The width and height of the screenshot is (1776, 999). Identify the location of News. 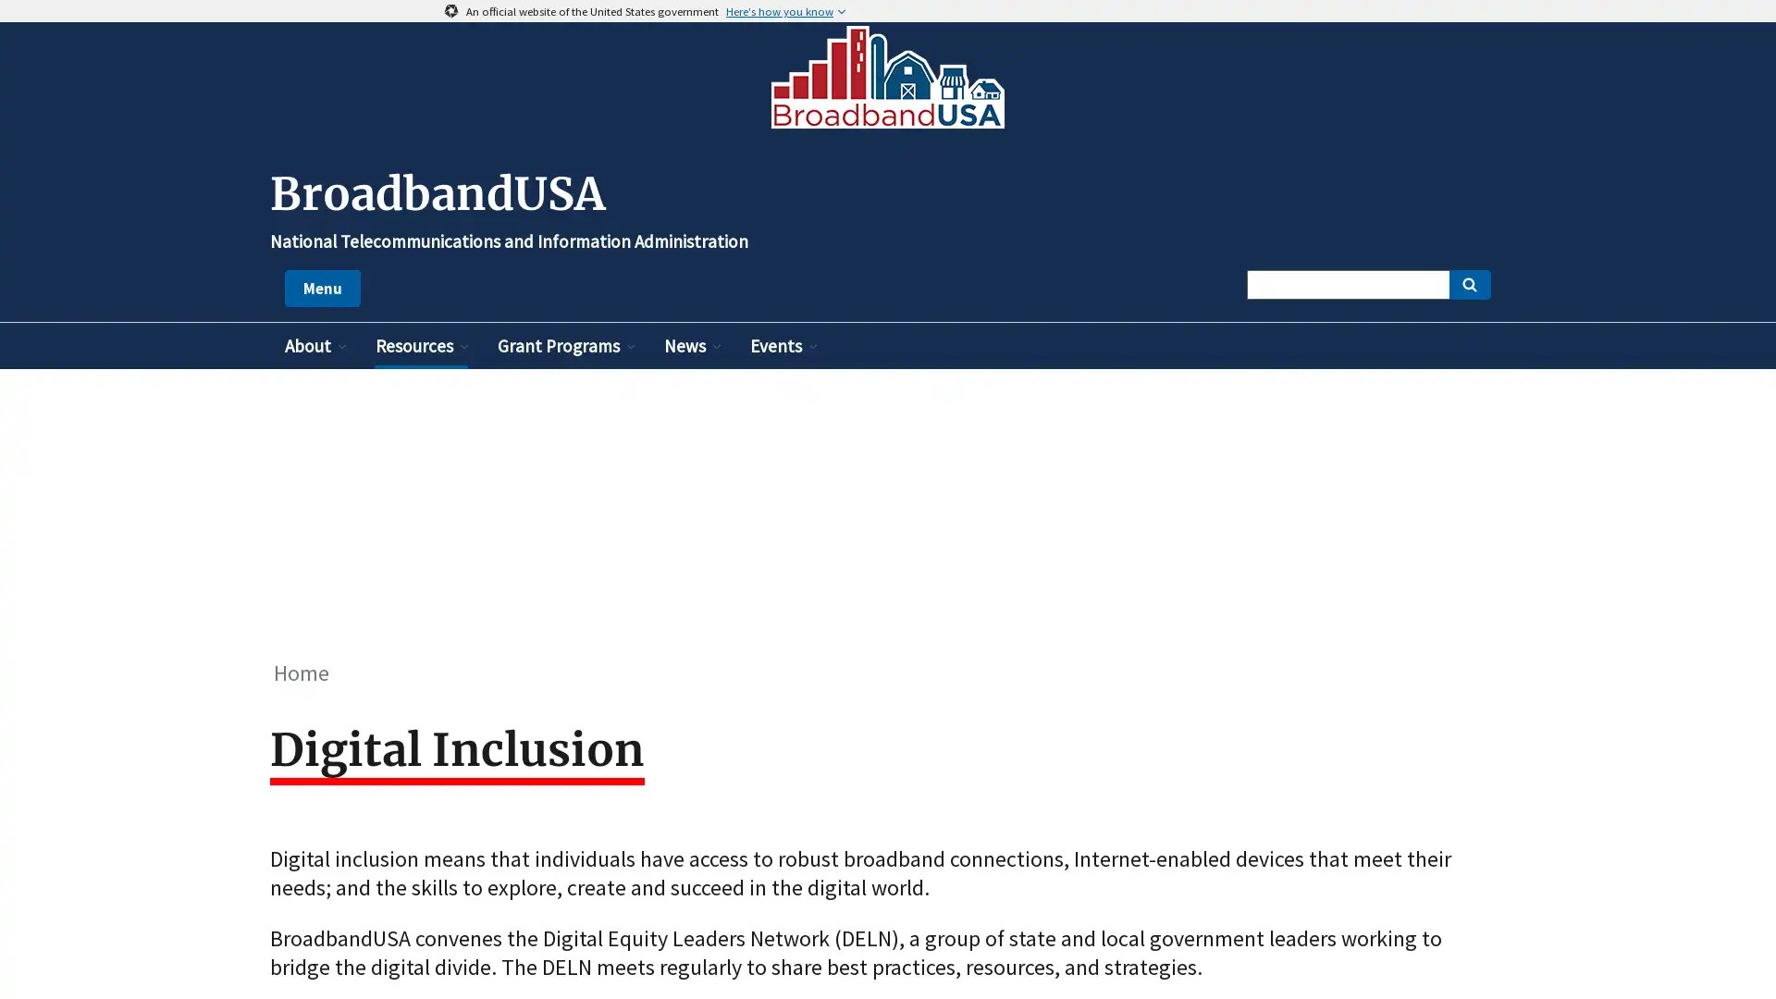
(691, 346).